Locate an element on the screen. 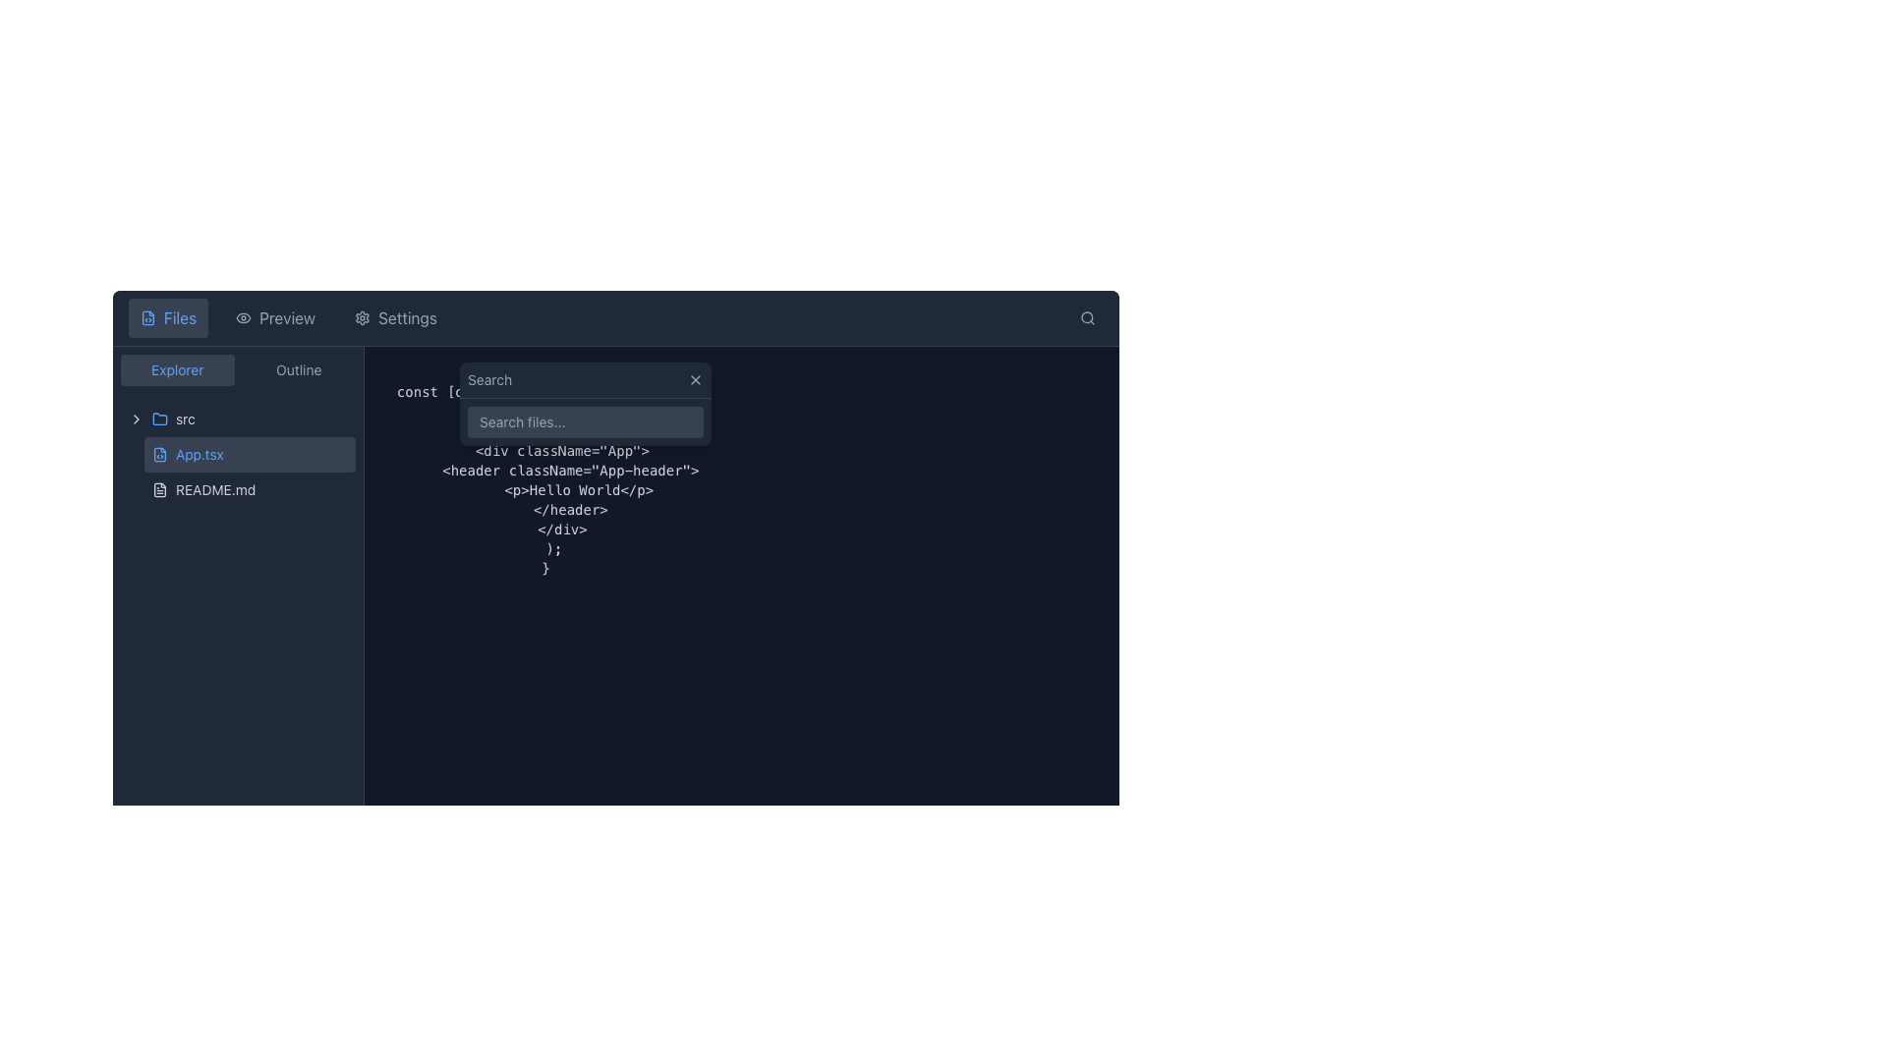 Image resolution: width=1887 pixels, height=1061 pixels. the folder icon located in the file explorer, situated just above the 'App.tsx' file label is located at coordinates (160, 417).